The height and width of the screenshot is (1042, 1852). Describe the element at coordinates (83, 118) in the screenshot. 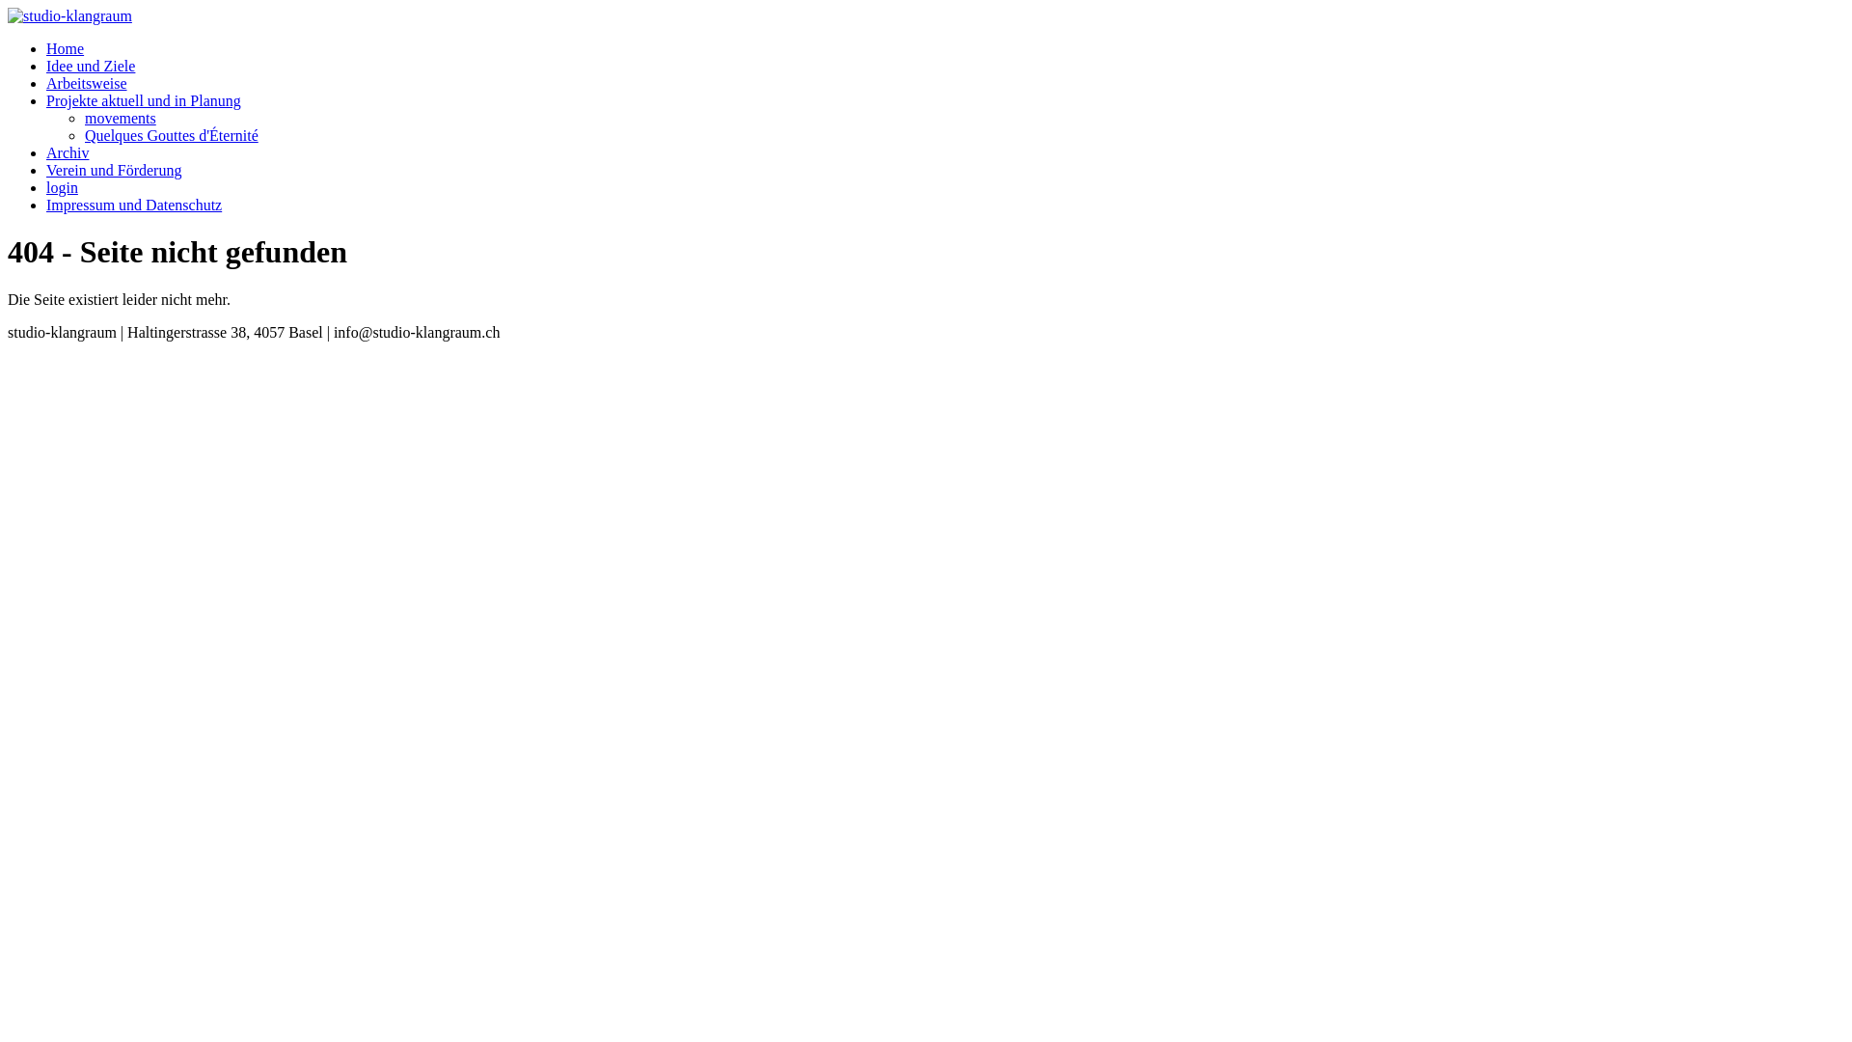

I see `'movements'` at that location.